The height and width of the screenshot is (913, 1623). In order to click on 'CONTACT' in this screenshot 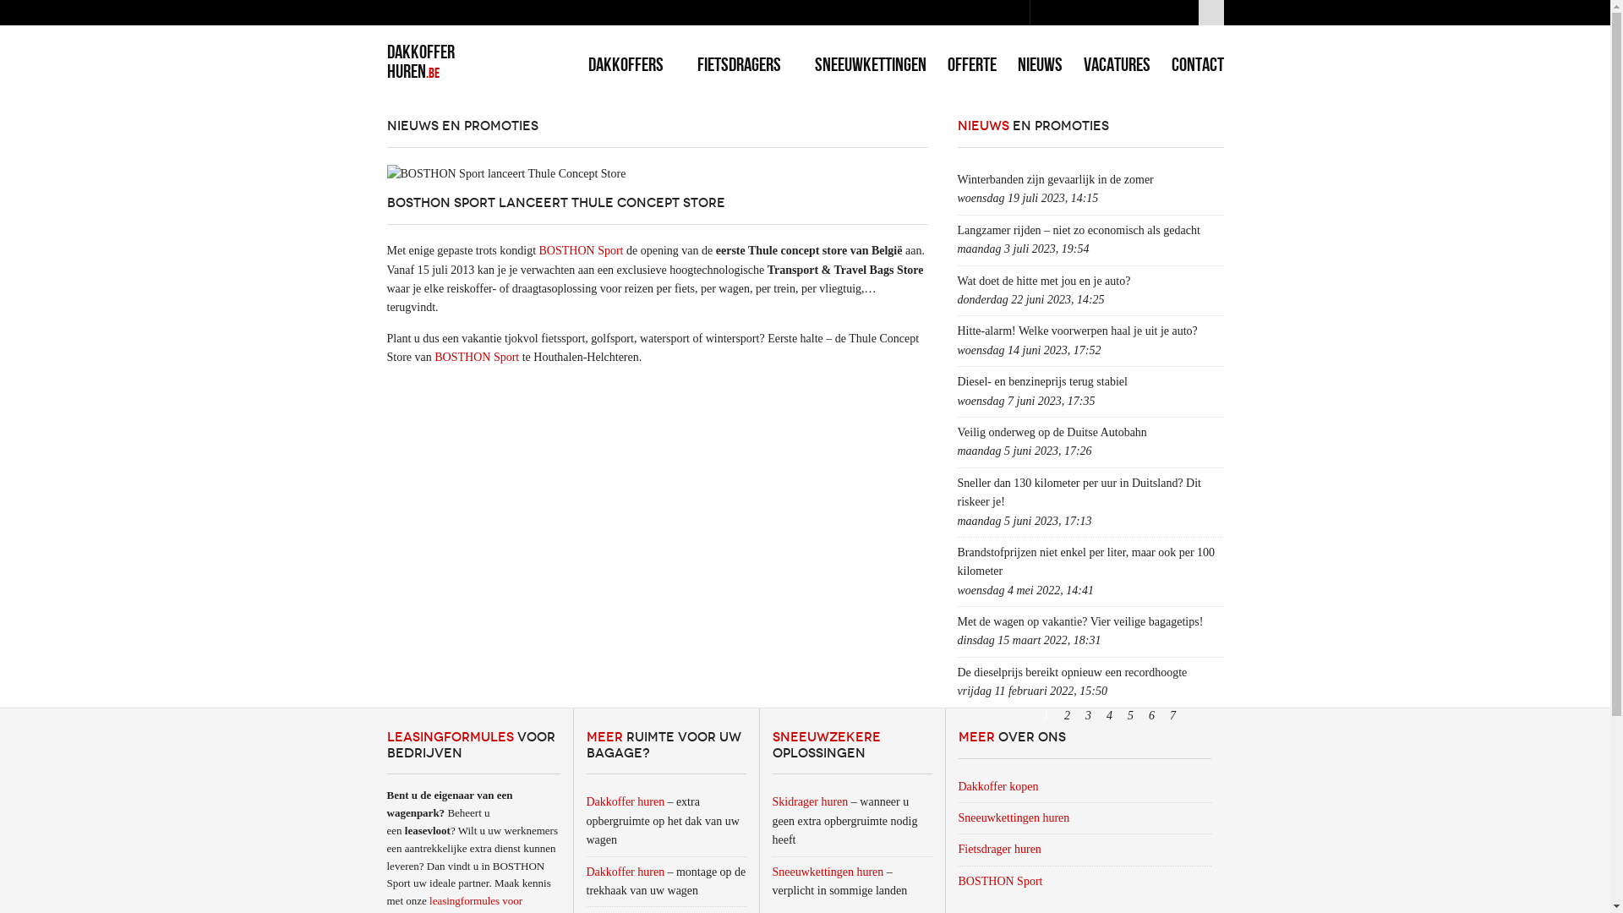, I will do `click(1196, 63)`.